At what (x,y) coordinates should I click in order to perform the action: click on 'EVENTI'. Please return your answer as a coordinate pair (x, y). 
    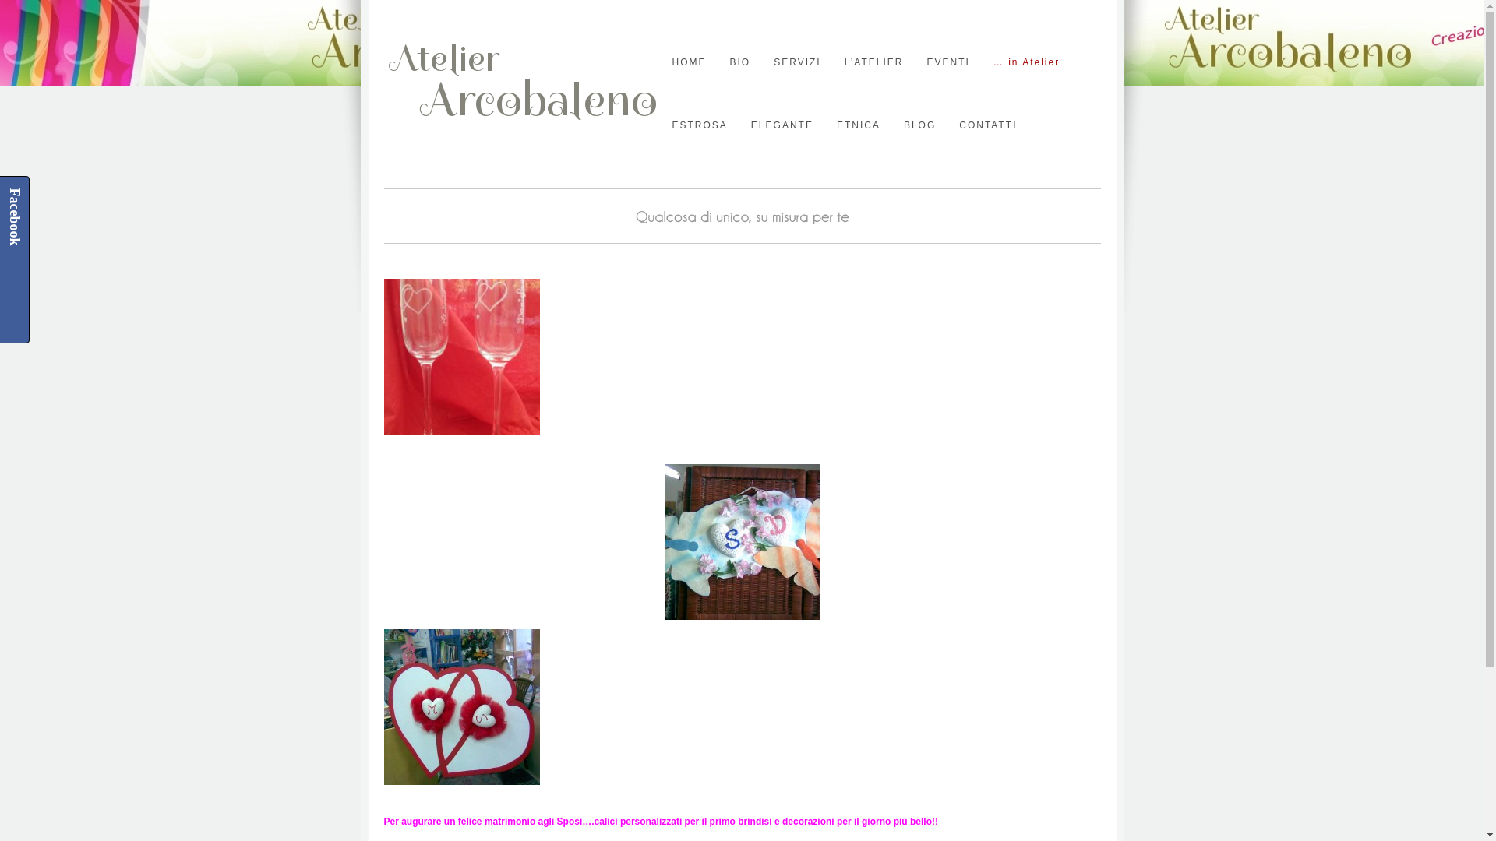
    Looking at the image, I should click on (947, 62).